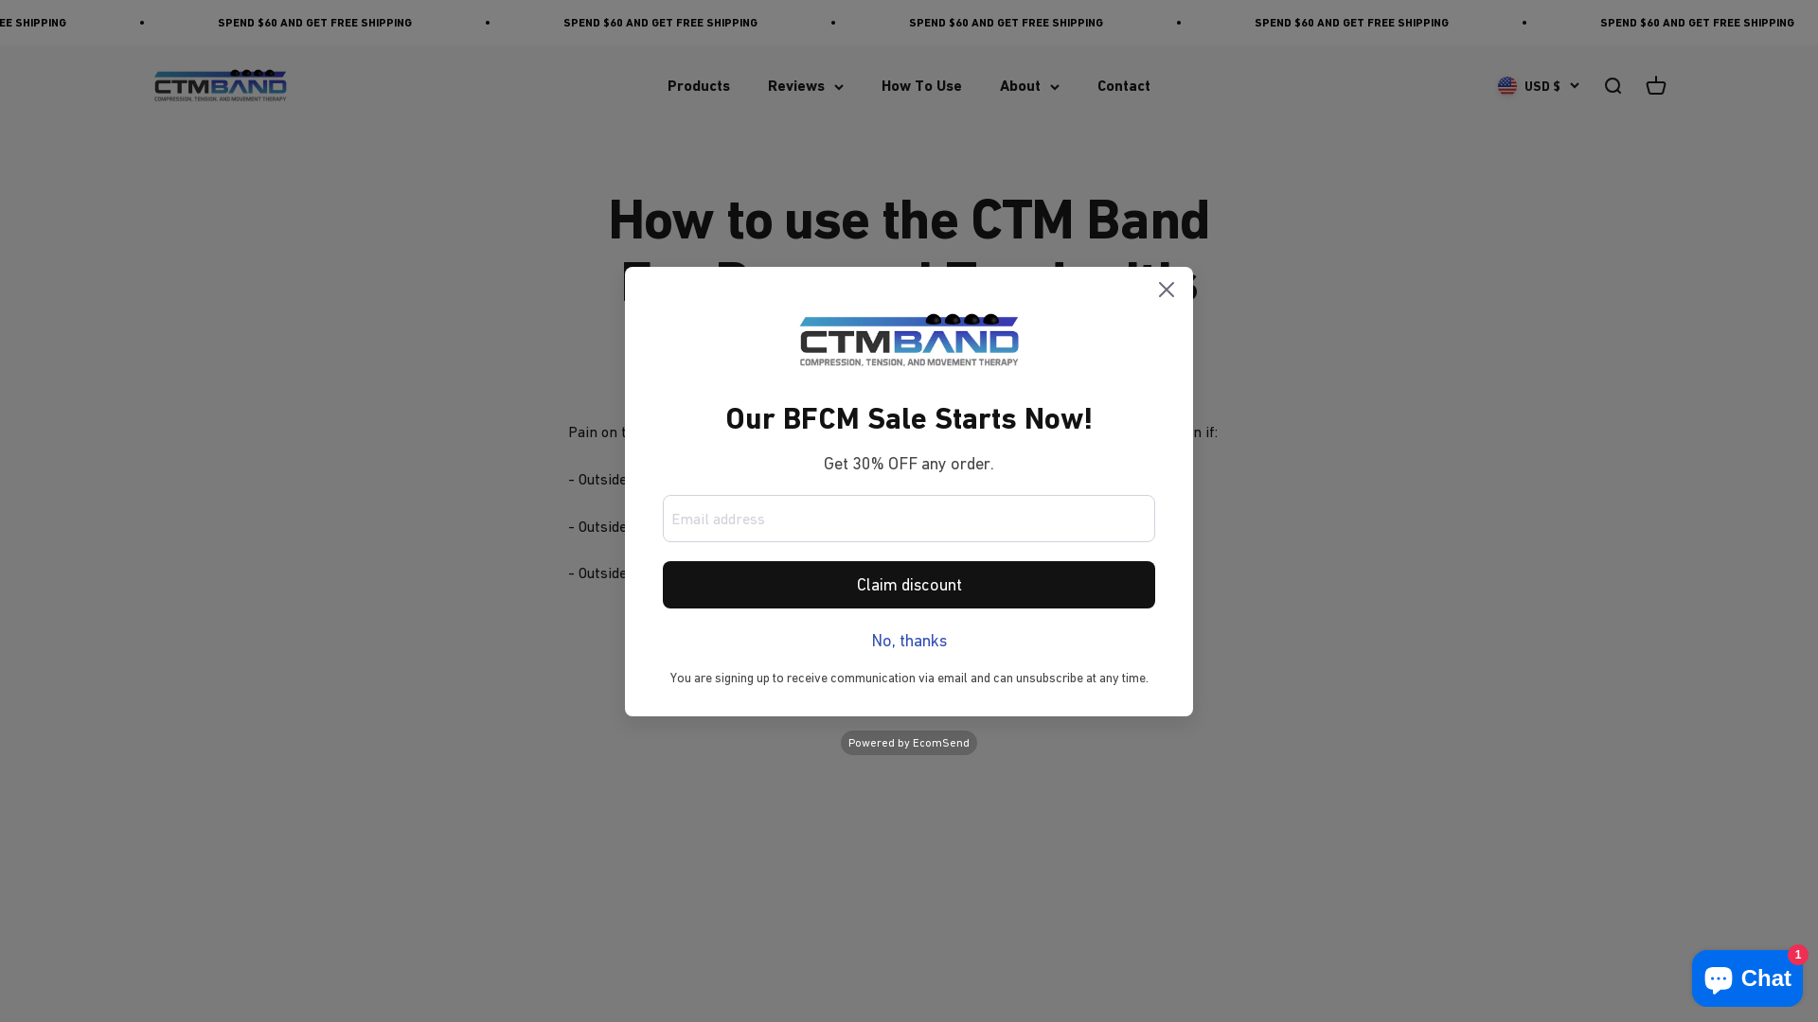  What do you see at coordinates (1612, 86) in the screenshot?
I see `'Open search'` at bounding box center [1612, 86].